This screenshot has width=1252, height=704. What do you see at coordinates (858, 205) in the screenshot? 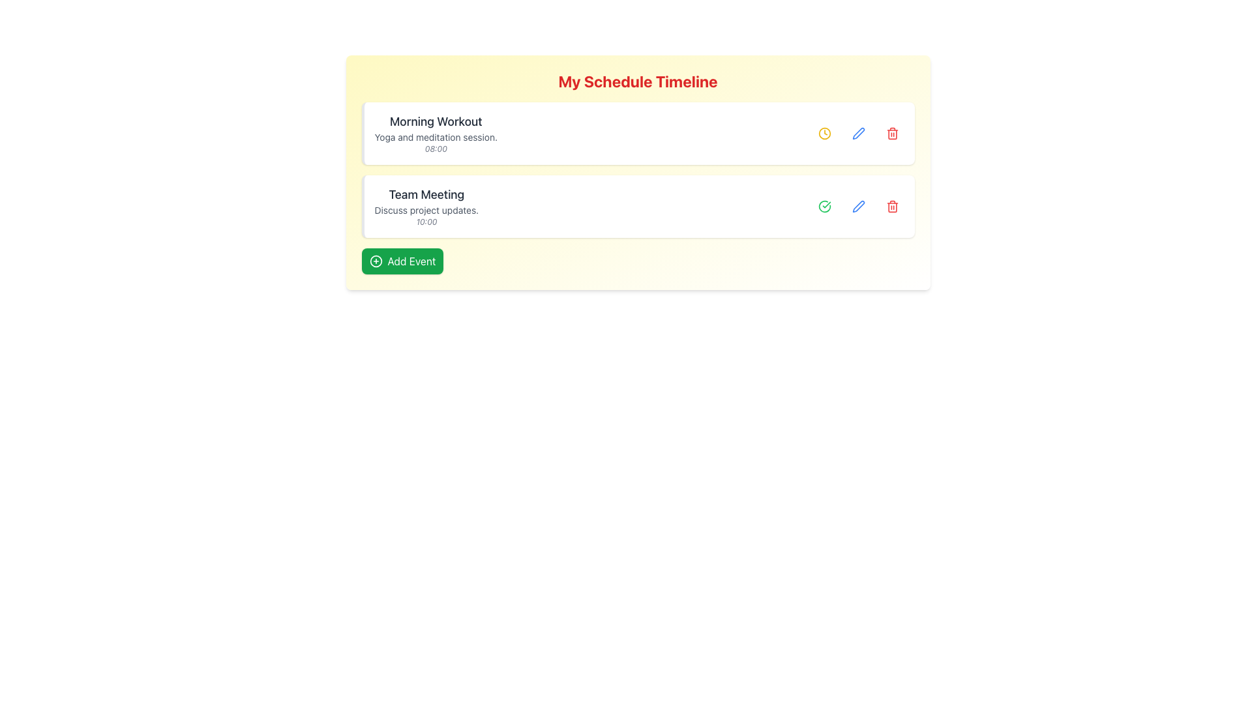
I see `the edit button located in the lower task card labeled 'Team Meeting', which is positioned just to the left of a red trash bin icon` at bounding box center [858, 205].